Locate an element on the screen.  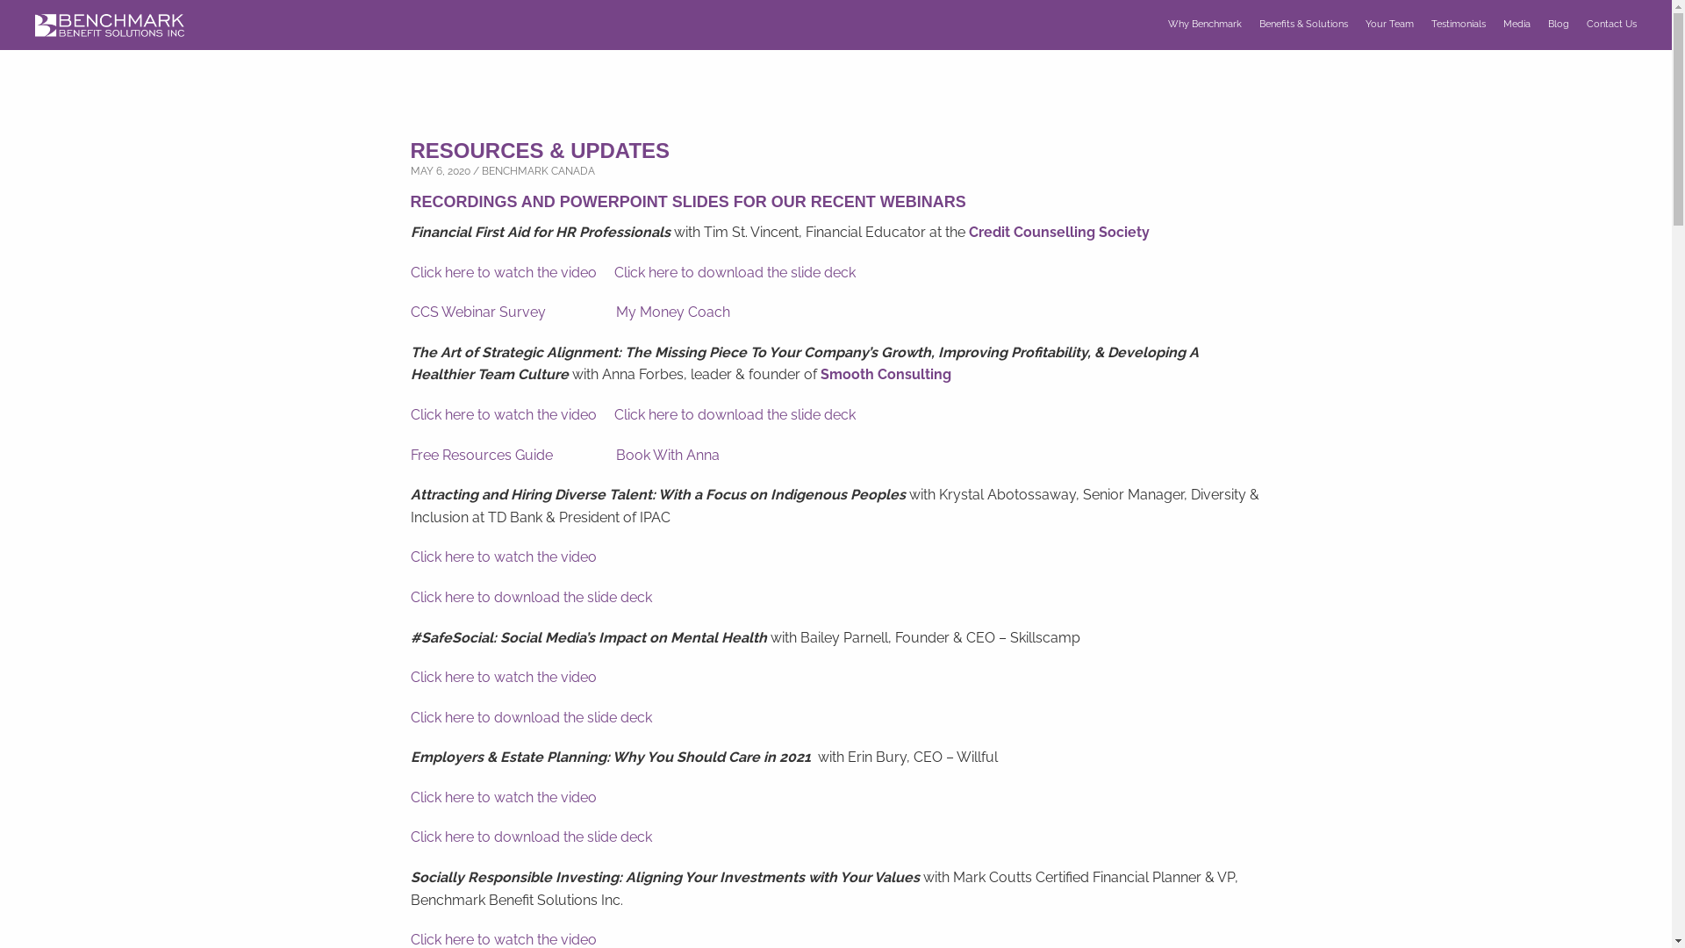
'Benefits & Solutions' is located at coordinates (1303, 24).